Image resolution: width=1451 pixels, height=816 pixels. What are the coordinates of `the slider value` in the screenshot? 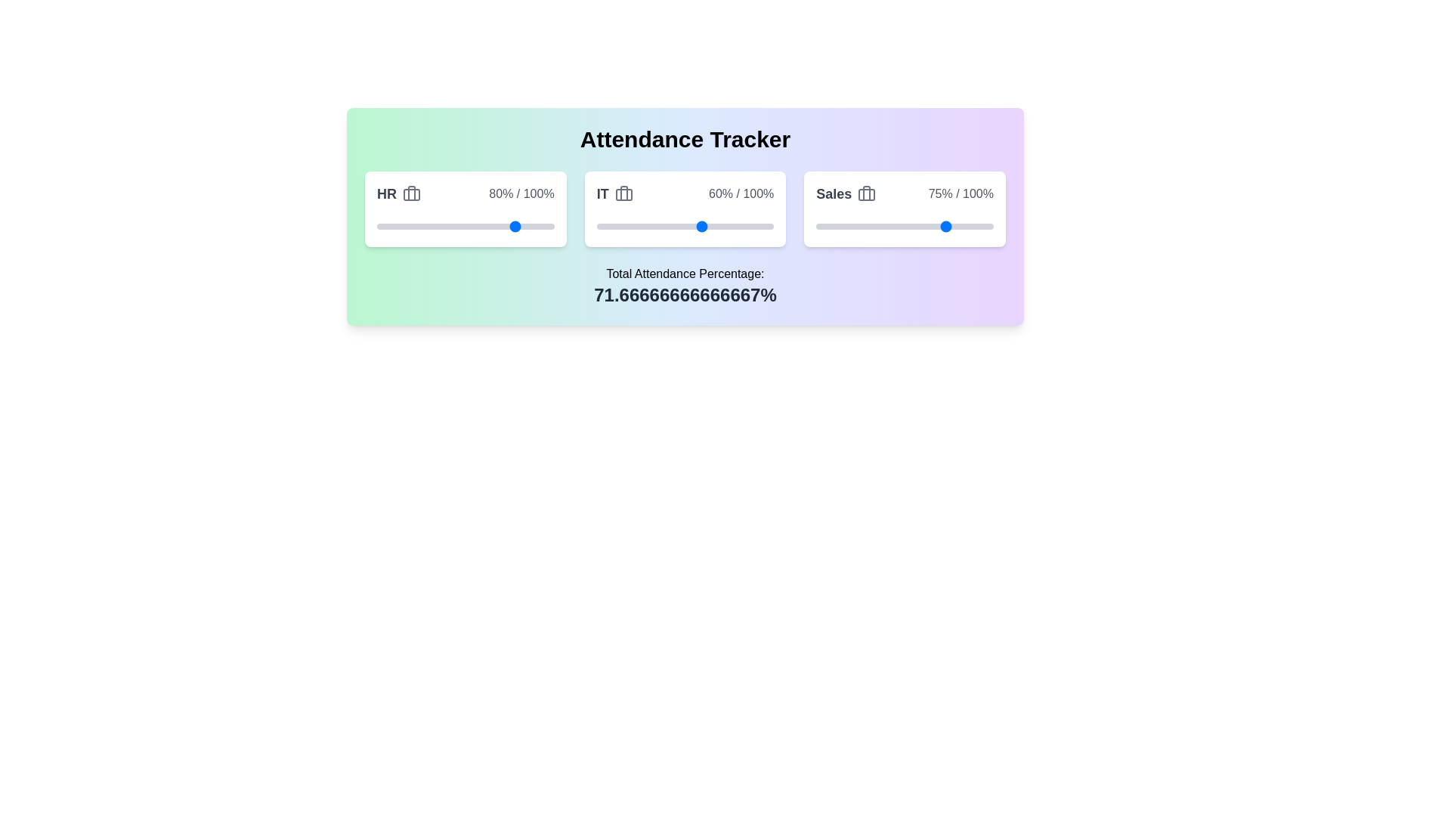 It's located at (632, 227).